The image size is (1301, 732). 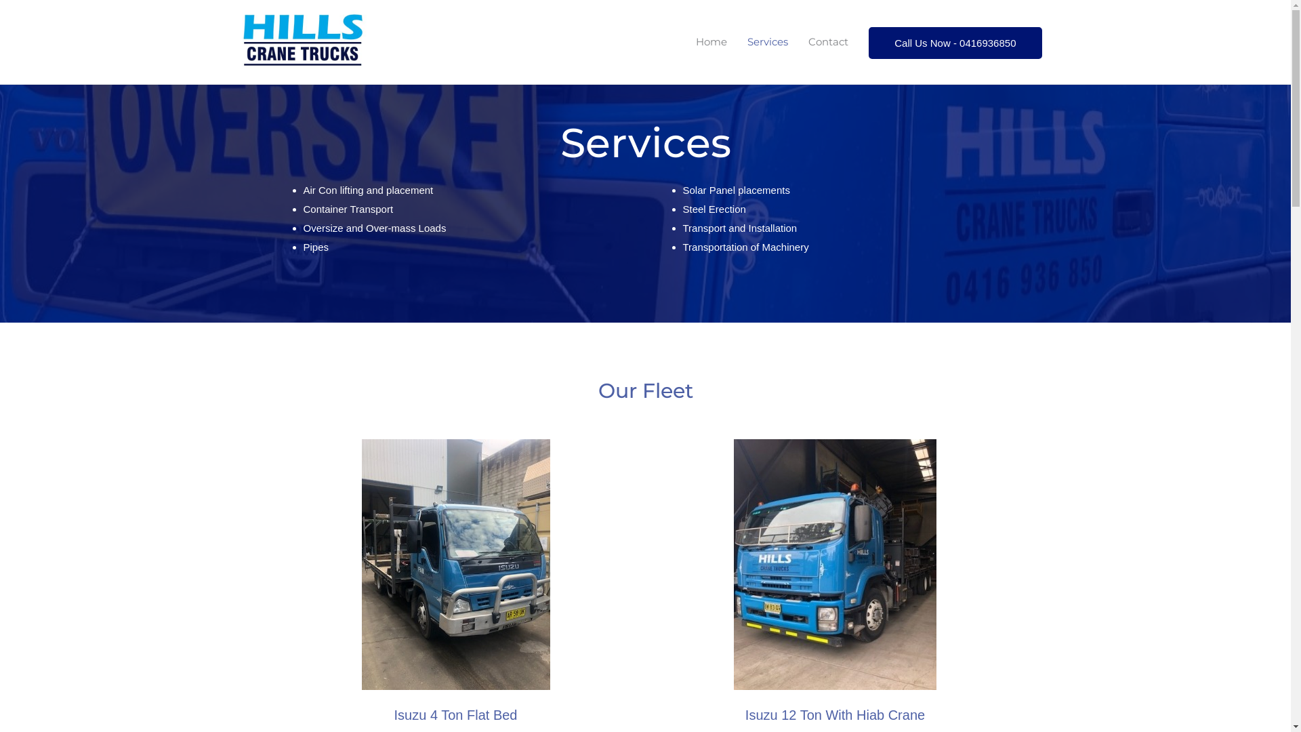 What do you see at coordinates (827, 41) in the screenshot?
I see `'Contact'` at bounding box center [827, 41].